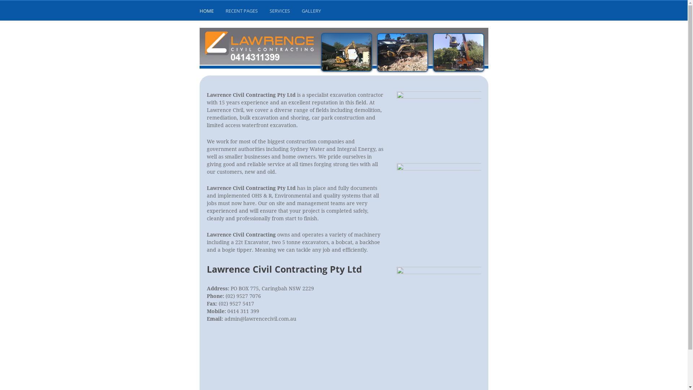  What do you see at coordinates (312, 12) in the screenshot?
I see `'GALLERY'` at bounding box center [312, 12].